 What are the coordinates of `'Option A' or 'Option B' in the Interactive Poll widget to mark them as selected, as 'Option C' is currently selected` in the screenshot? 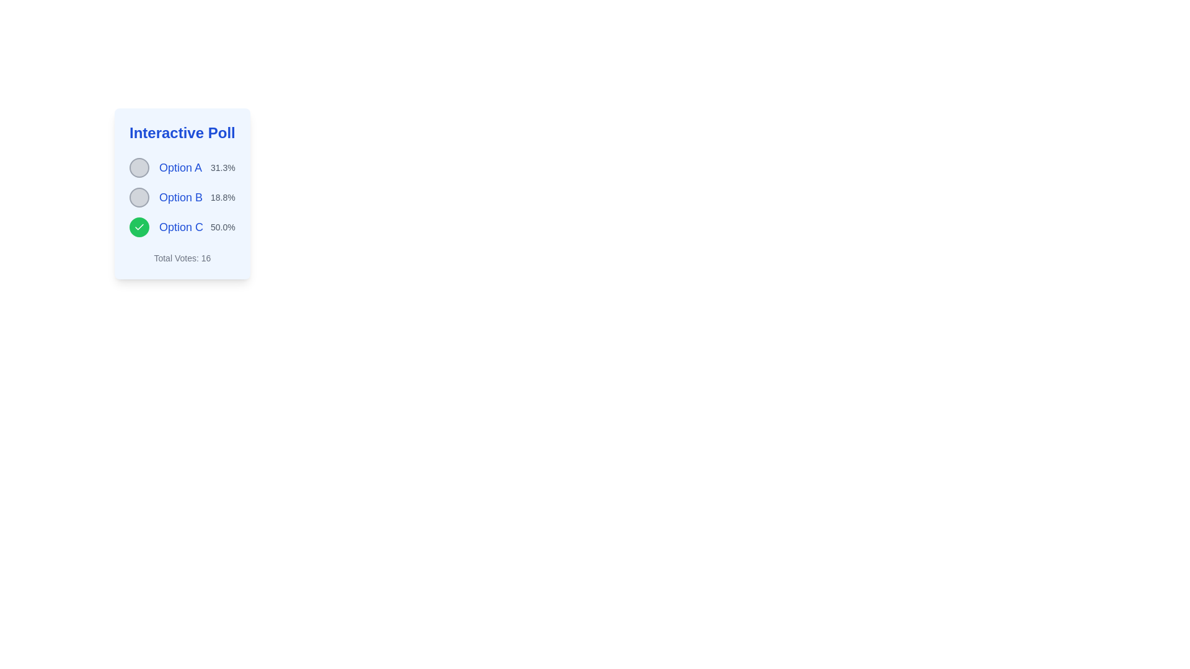 It's located at (182, 193).